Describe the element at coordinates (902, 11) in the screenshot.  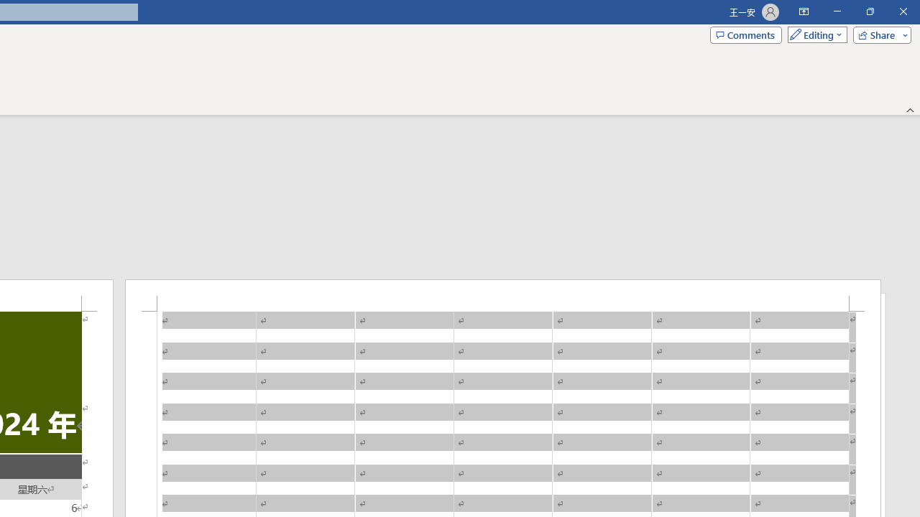
I see `'Close'` at that location.